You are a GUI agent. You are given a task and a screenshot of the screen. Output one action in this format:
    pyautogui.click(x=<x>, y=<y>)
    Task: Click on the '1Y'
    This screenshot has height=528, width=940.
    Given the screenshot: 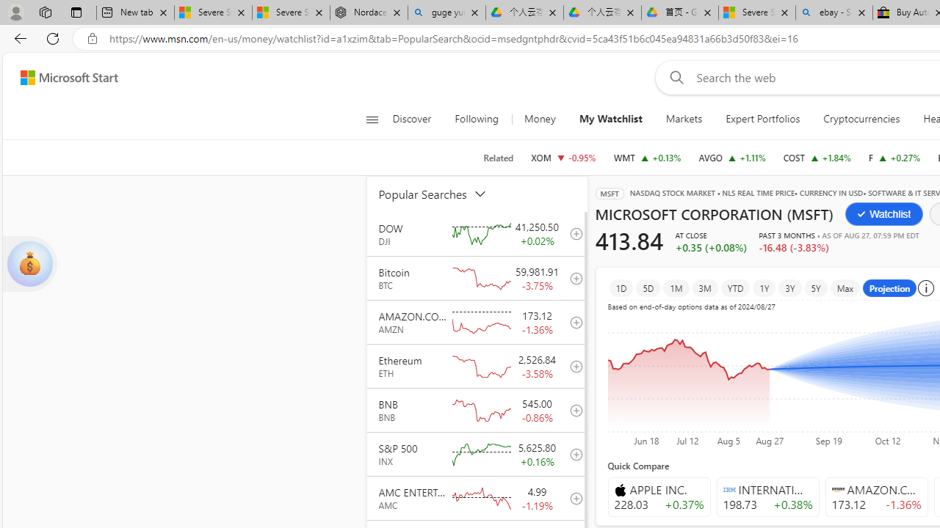 What is the action you would take?
    pyautogui.click(x=764, y=287)
    